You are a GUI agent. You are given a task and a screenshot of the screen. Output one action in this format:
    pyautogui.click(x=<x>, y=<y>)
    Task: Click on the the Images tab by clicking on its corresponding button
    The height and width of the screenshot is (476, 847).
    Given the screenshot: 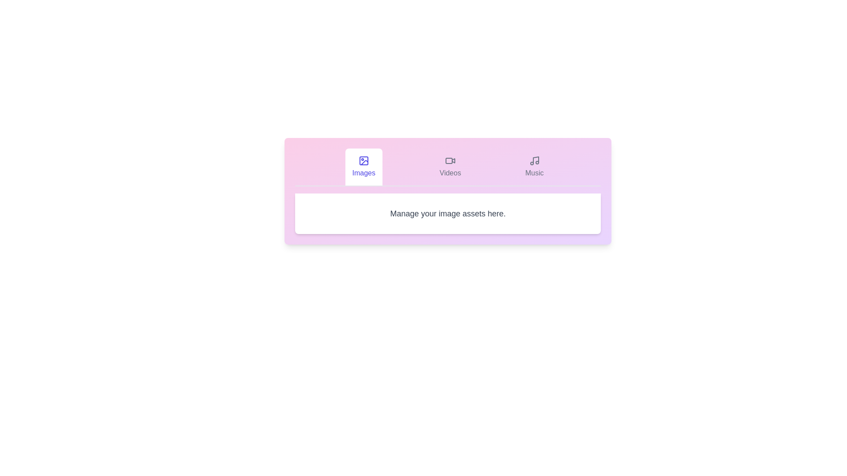 What is the action you would take?
    pyautogui.click(x=364, y=167)
    